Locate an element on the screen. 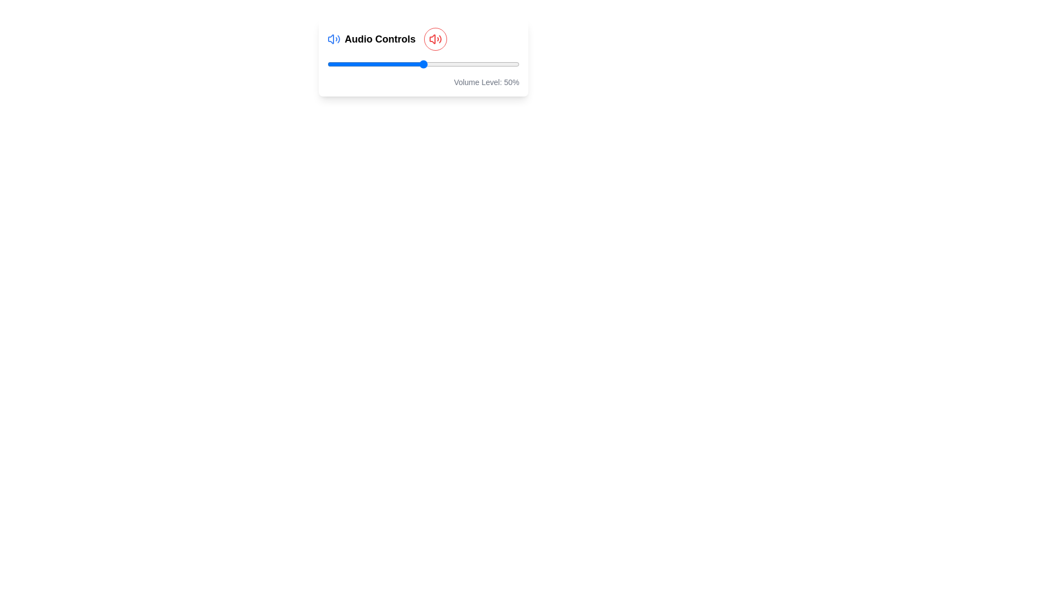 The width and height of the screenshot is (1048, 589). the volume slider to 53% by dragging the slider to the corresponding position is located at coordinates (428, 64).